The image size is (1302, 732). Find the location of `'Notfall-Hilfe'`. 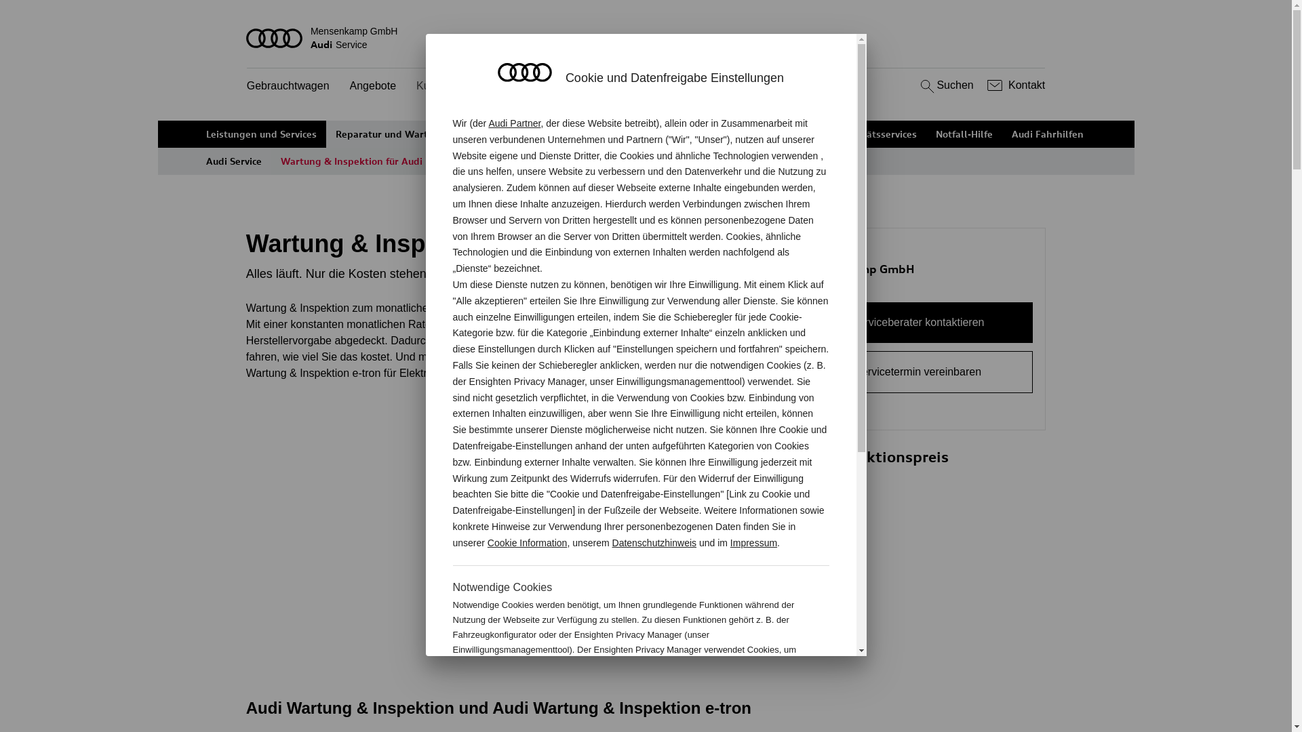

'Notfall-Hilfe' is located at coordinates (926, 134).